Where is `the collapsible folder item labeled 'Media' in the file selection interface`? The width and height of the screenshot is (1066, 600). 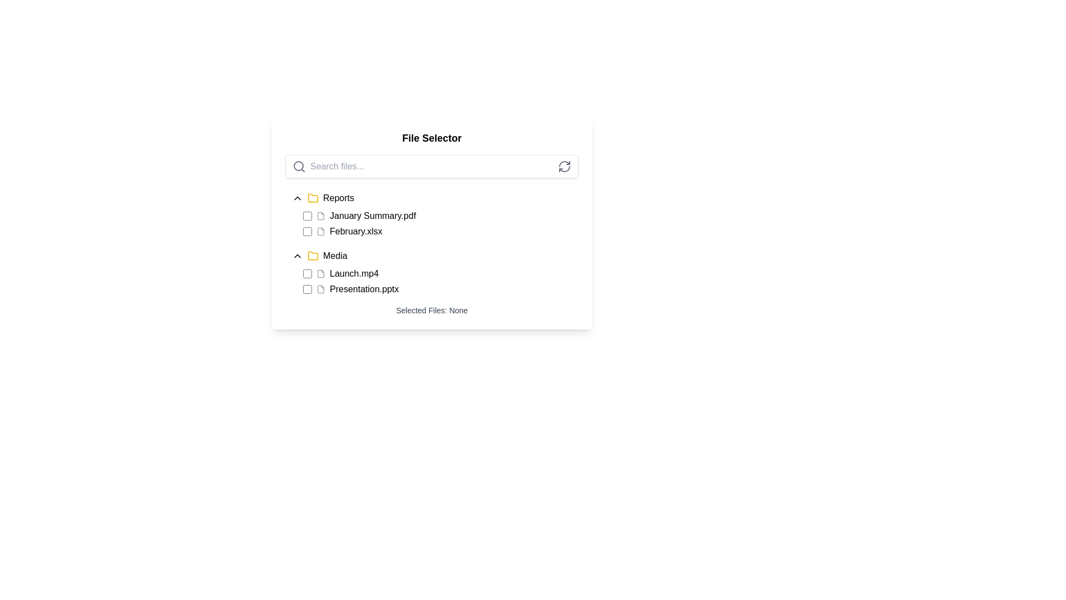
the collapsible folder item labeled 'Media' in the file selection interface is located at coordinates (431, 270).